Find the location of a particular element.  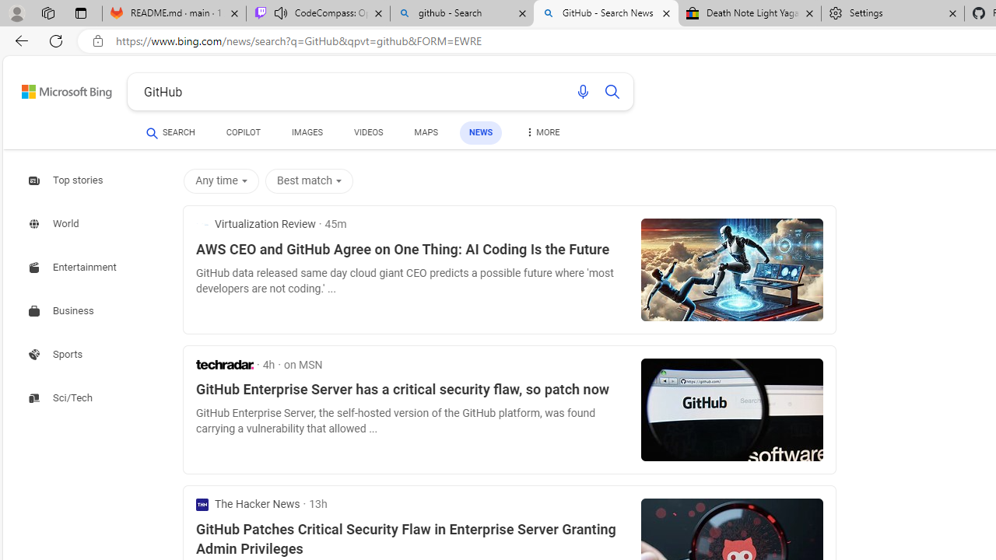

'Search news from Virtualization Review' is located at coordinates (255, 224).